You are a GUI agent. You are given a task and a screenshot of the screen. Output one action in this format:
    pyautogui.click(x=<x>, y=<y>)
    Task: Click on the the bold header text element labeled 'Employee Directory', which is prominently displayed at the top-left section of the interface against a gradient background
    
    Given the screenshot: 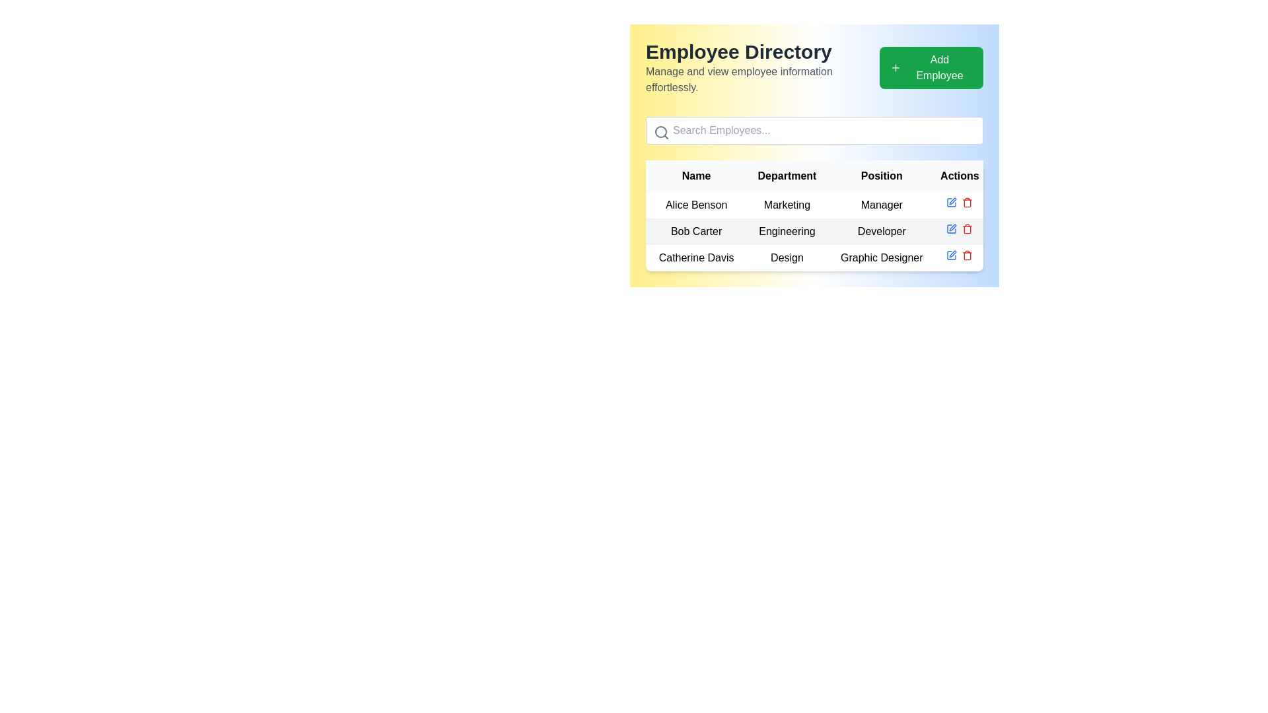 What is the action you would take?
    pyautogui.click(x=762, y=51)
    